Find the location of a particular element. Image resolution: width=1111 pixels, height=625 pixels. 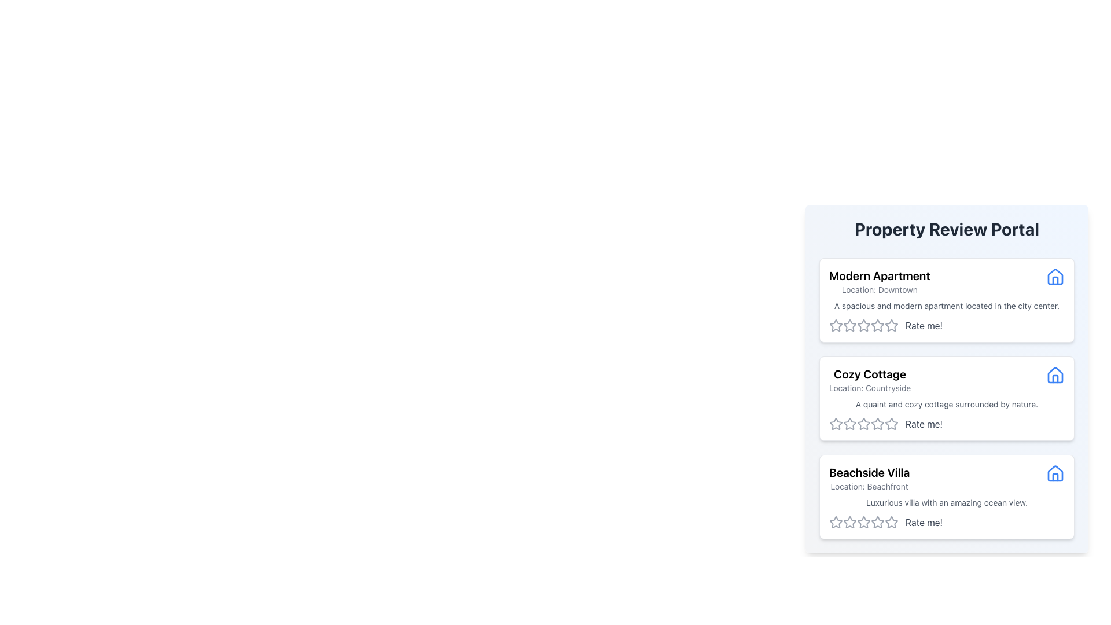

the first star in the rating system located below the description of the 'Modern Apartment' property is located at coordinates (849, 325).